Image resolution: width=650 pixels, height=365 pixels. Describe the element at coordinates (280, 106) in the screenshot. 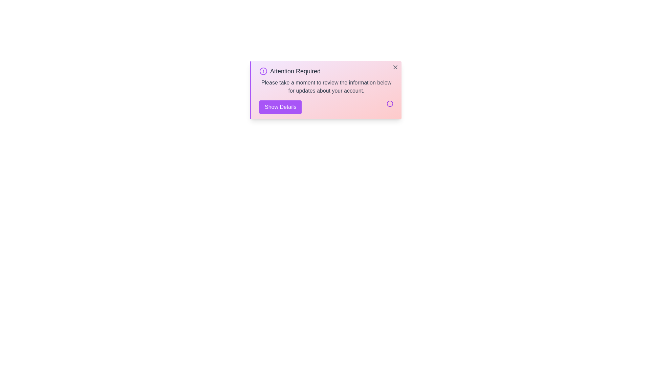

I see `the 'Show Details' button to toggle the detailed information section` at that location.